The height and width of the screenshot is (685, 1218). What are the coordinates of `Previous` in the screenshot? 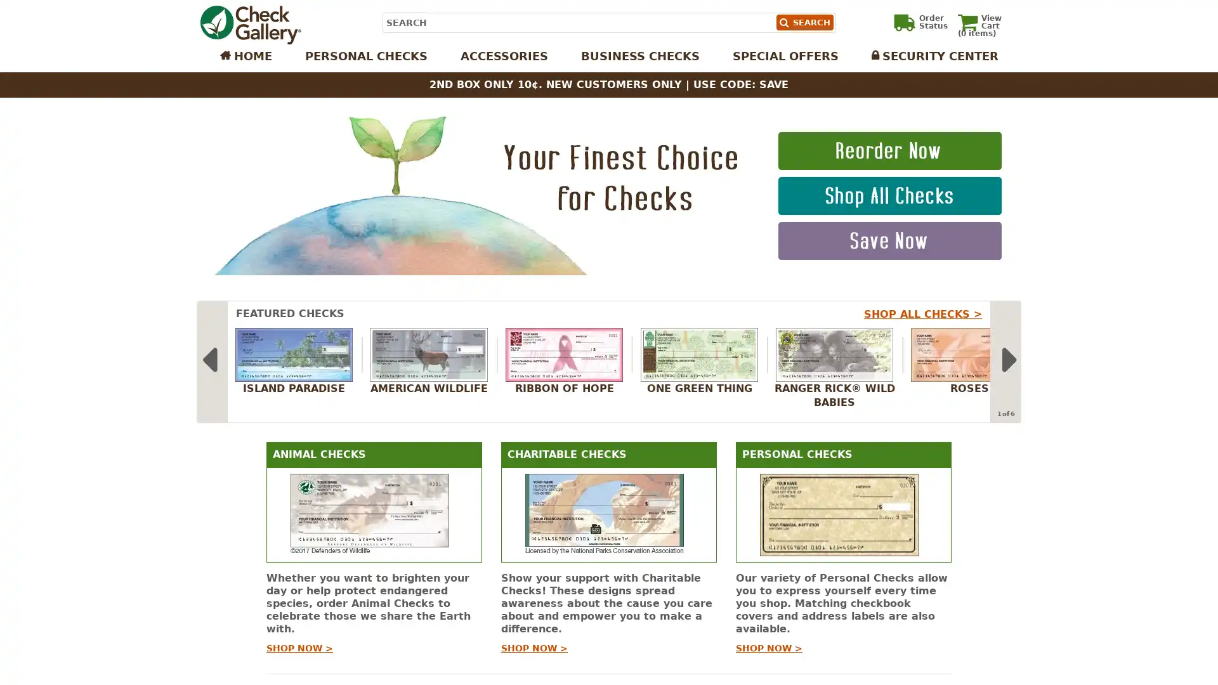 It's located at (209, 361).